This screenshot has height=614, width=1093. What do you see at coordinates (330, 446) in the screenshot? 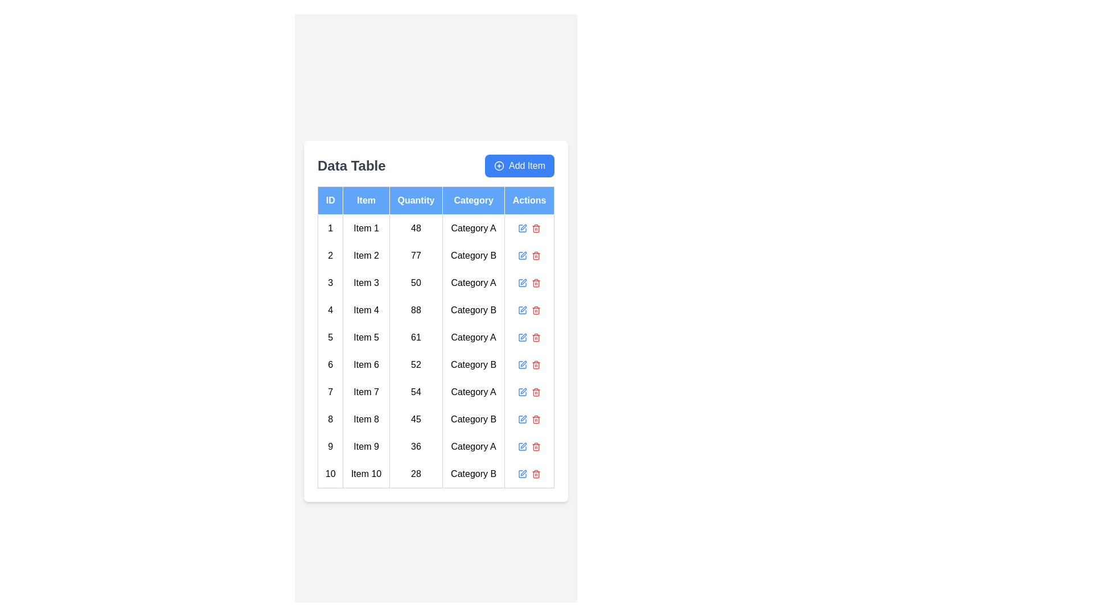
I see `the Table Cell in the leftmost column of the ninth row` at bounding box center [330, 446].